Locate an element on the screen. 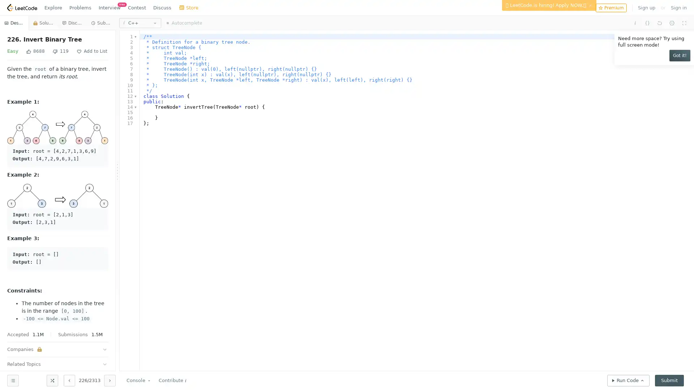 The height and width of the screenshot is (390, 694). Submit is located at coordinates (669, 380).